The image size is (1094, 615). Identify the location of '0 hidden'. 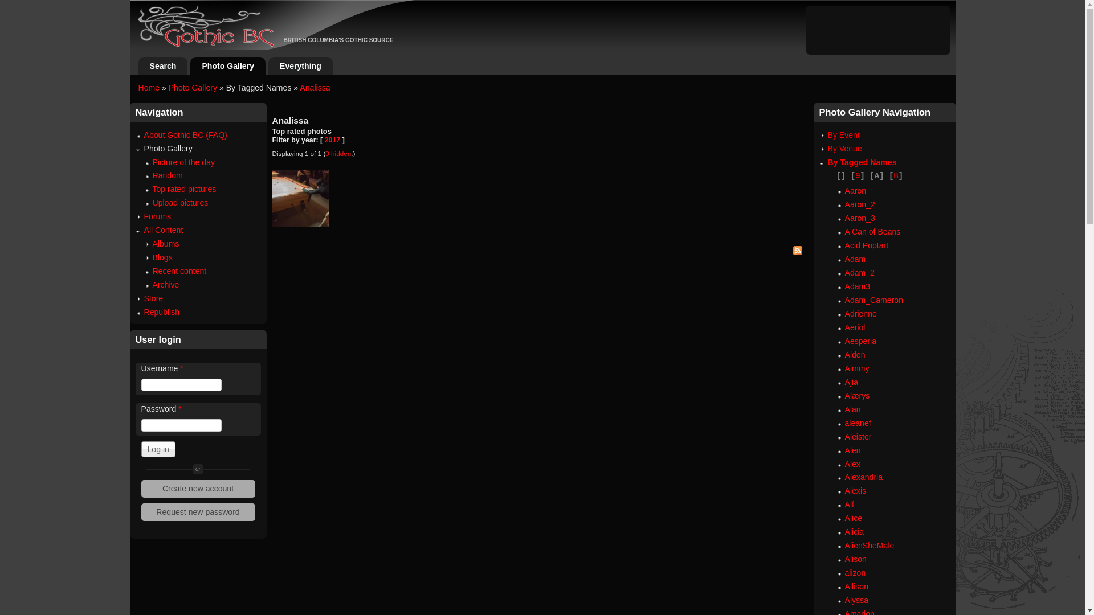
(337, 153).